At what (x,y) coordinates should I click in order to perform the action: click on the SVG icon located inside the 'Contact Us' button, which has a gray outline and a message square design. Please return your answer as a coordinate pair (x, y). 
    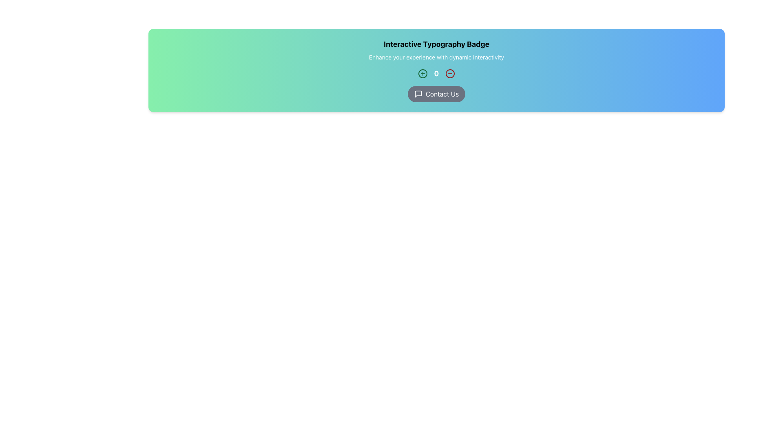
    Looking at the image, I should click on (418, 94).